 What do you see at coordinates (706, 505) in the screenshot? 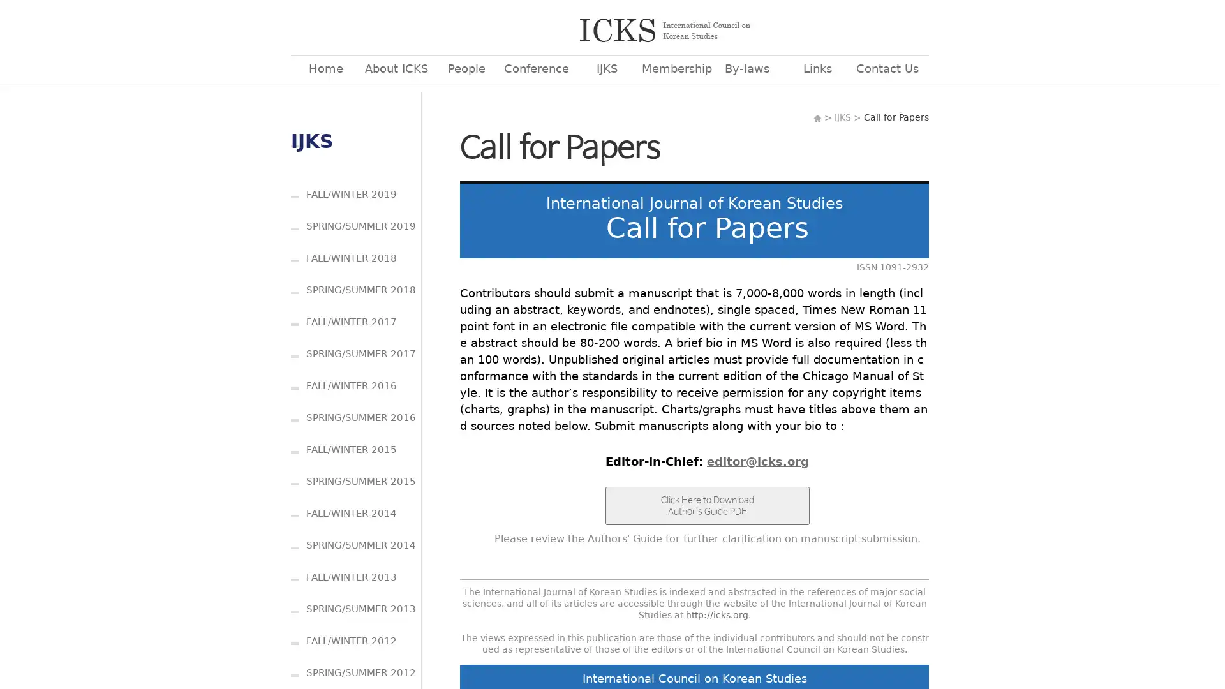
I see `Click Here to Download Author's Guide PDF` at bounding box center [706, 505].